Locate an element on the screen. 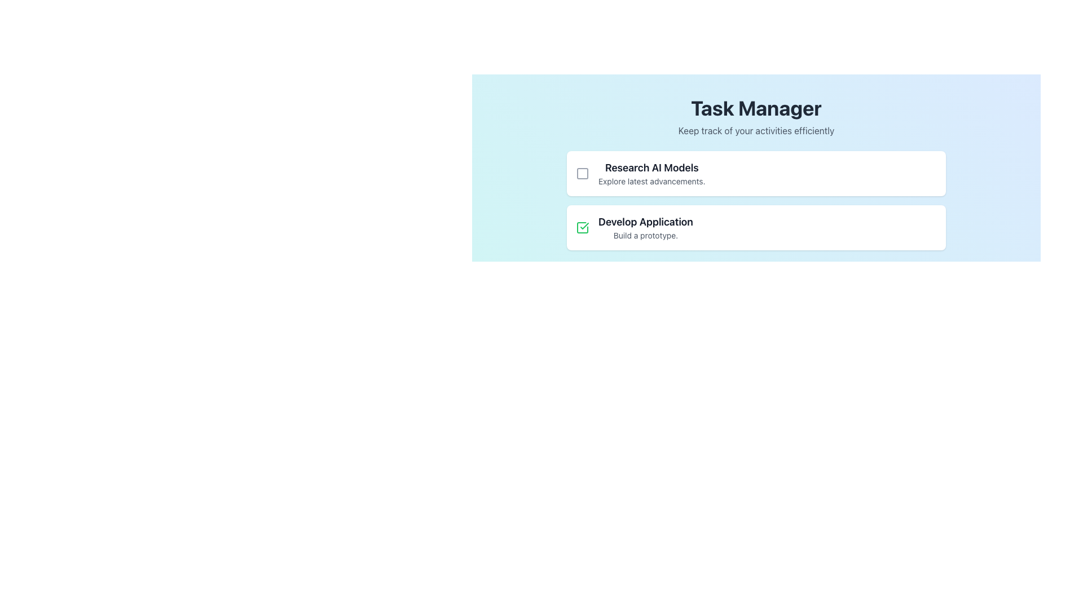 Image resolution: width=1083 pixels, height=609 pixels. the text element displaying 'Develop Application', which is styled in bold and appears larger than surrounding text, located in the lower task card above 'Build a prototype' is located at coordinates (645, 222).